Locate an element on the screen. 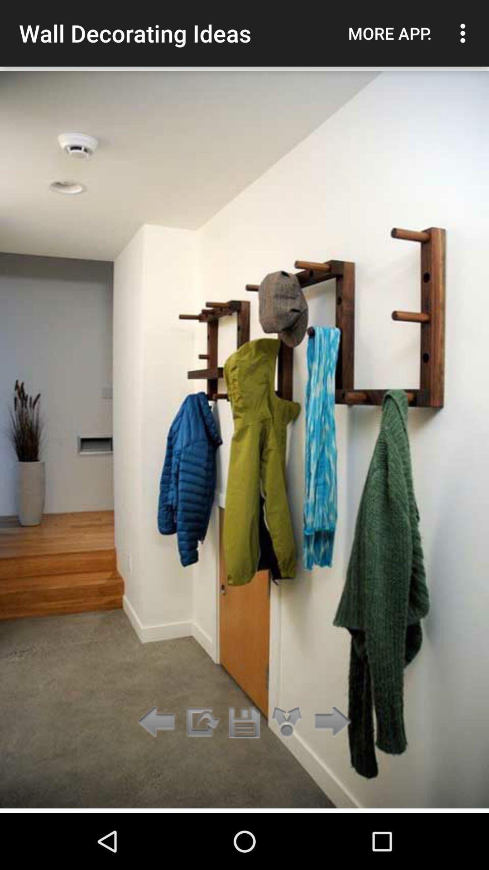  the save icon is located at coordinates (244, 722).